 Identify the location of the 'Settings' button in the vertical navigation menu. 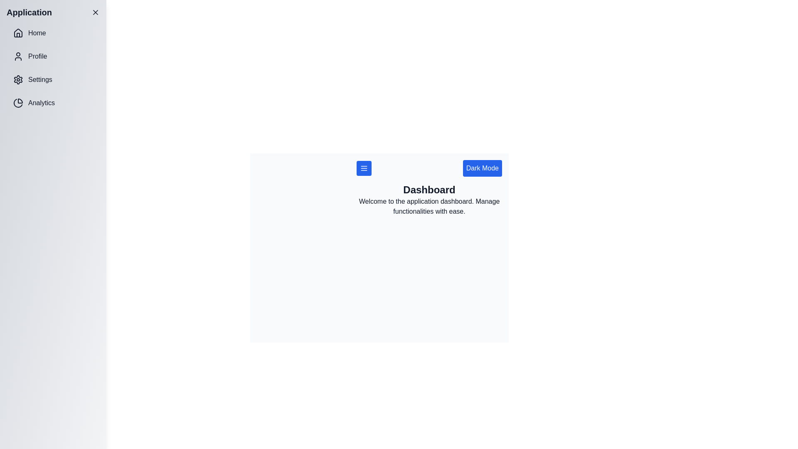
(53, 80).